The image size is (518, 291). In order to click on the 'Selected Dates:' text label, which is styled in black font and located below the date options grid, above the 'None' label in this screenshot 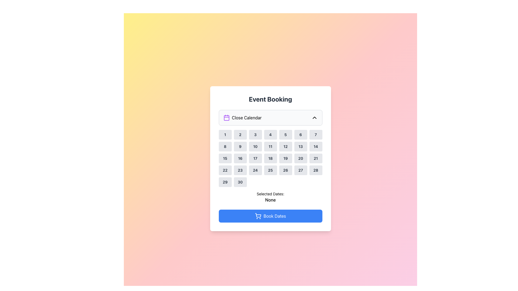, I will do `click(270, 194)`.